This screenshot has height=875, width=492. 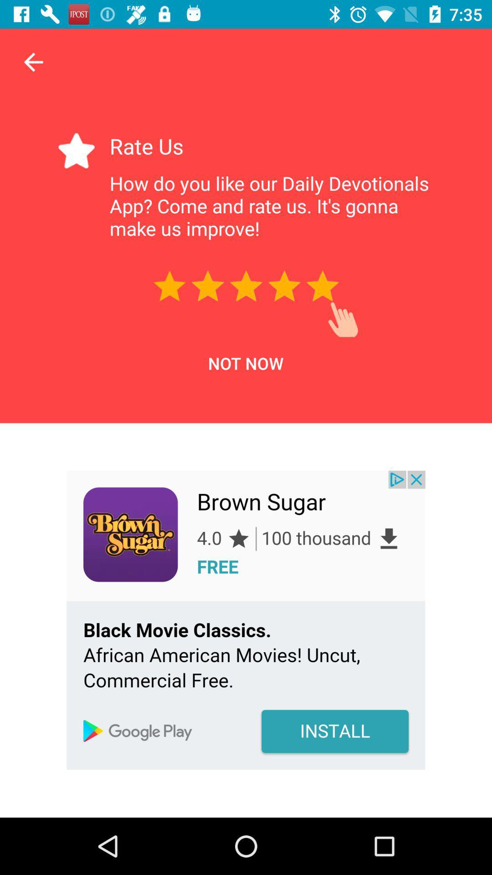 I want to click on the arrow_backward icon, so click(x=33, y=62).